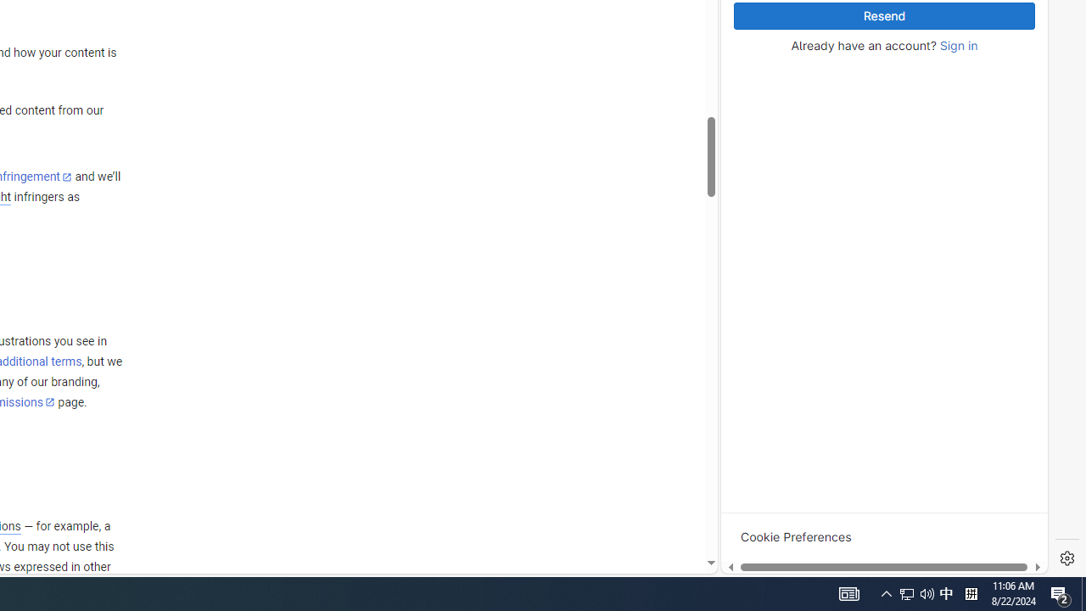 The height and width of the screenshot is (611, 1086). What do you see at coordinates (883, 16) in the screenshot?
I see `'Resend'` at bounding box center [883, 16].